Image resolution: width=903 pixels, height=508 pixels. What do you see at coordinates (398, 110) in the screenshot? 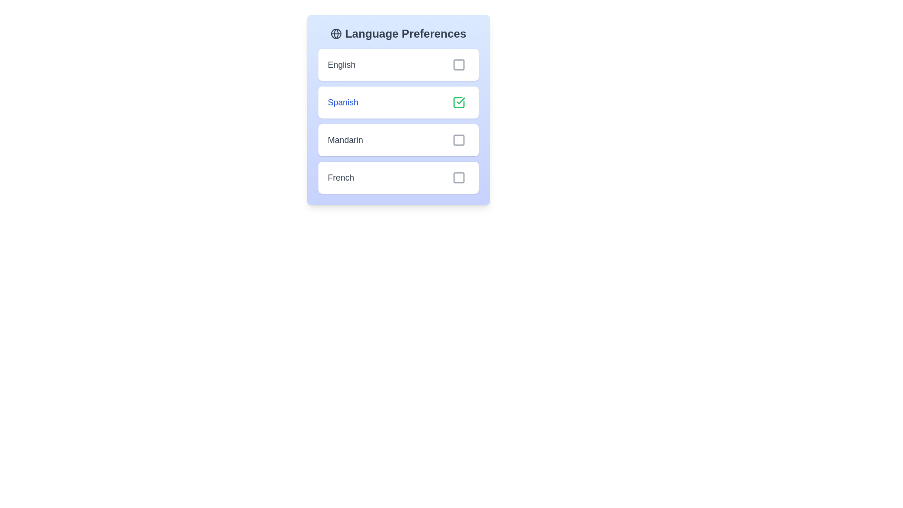
I see `the checkbox next to the 'Spanish' option in the Language Preferences modal` at bounding box center [398, 110].